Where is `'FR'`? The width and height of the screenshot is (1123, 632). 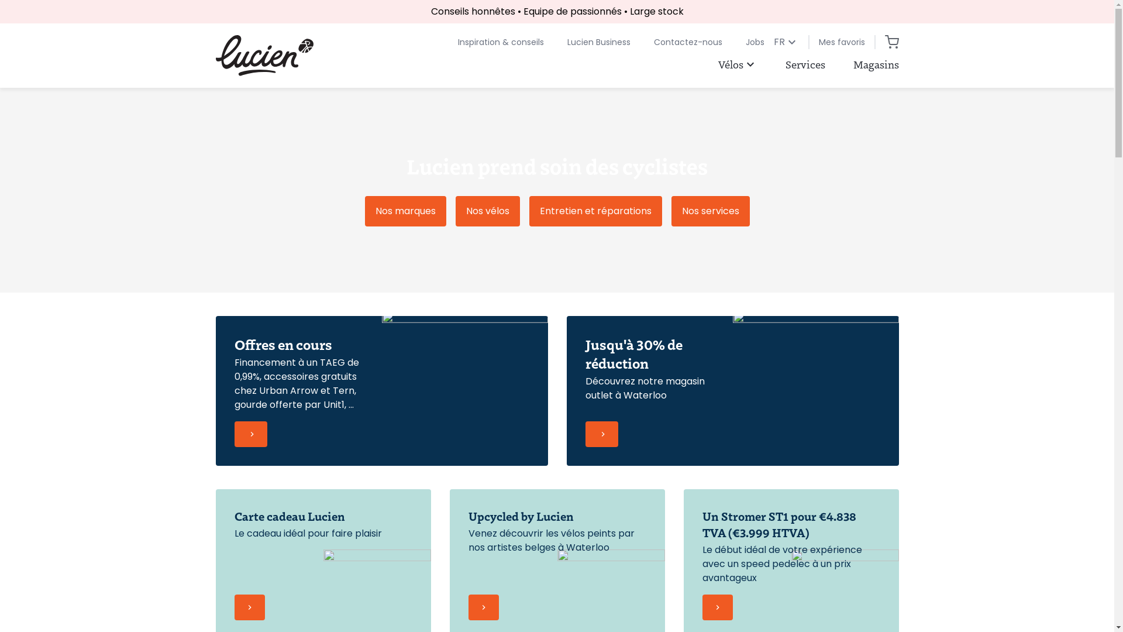 'FR' is located at coordinates (786, 42).